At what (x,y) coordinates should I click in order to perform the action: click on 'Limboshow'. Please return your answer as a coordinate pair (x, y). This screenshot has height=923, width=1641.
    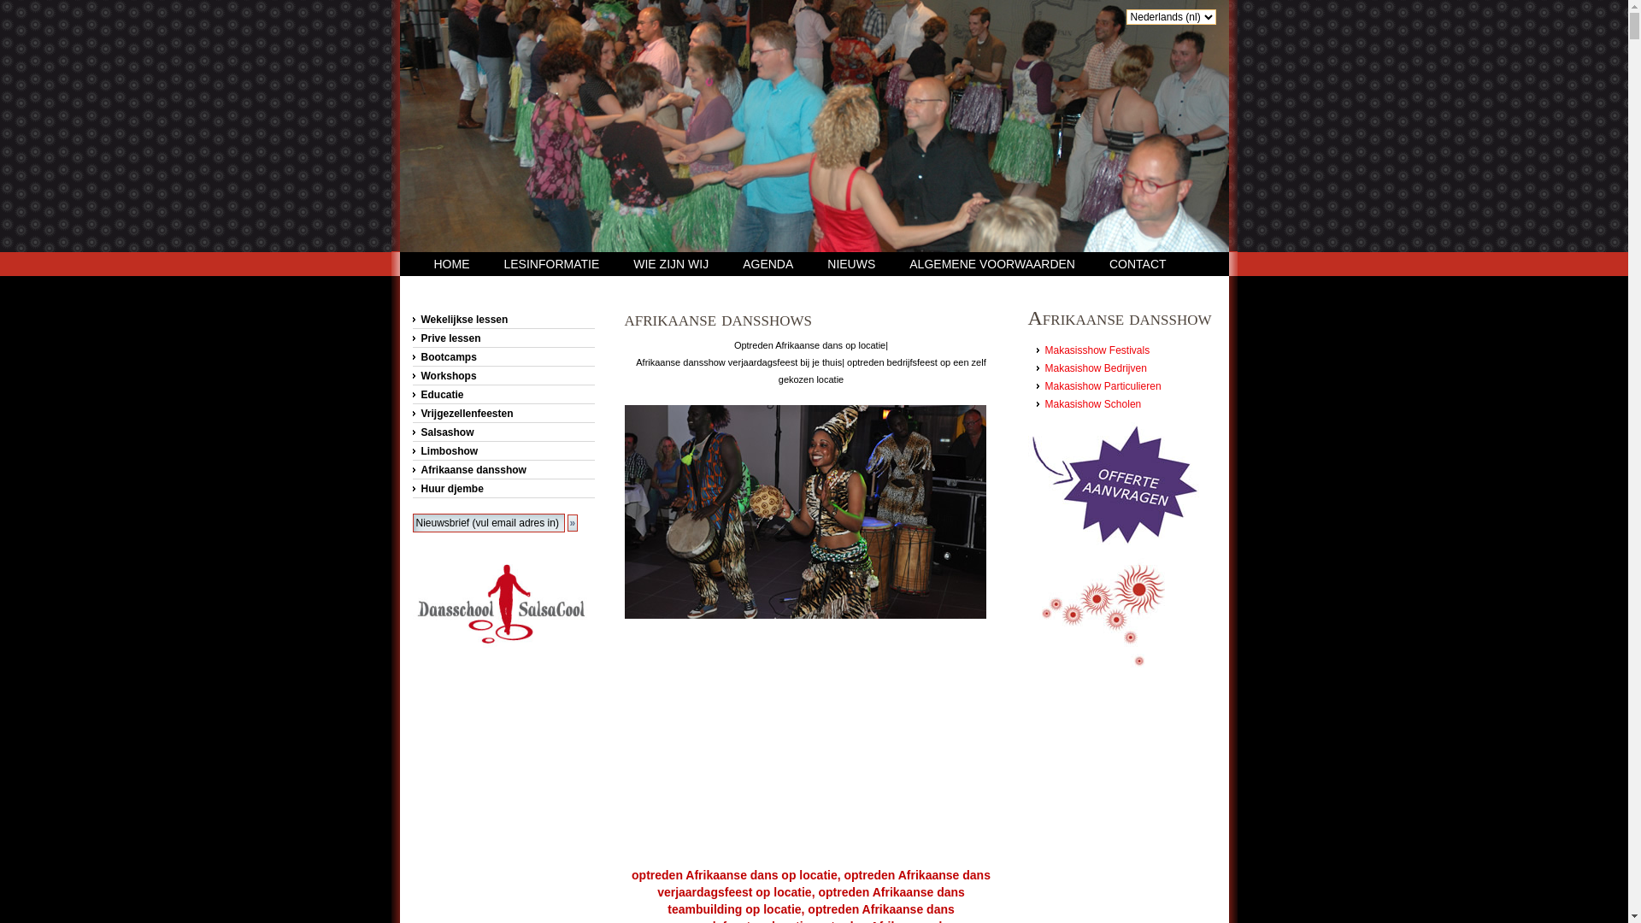
    Looking at the image, I should click on (502, 450).